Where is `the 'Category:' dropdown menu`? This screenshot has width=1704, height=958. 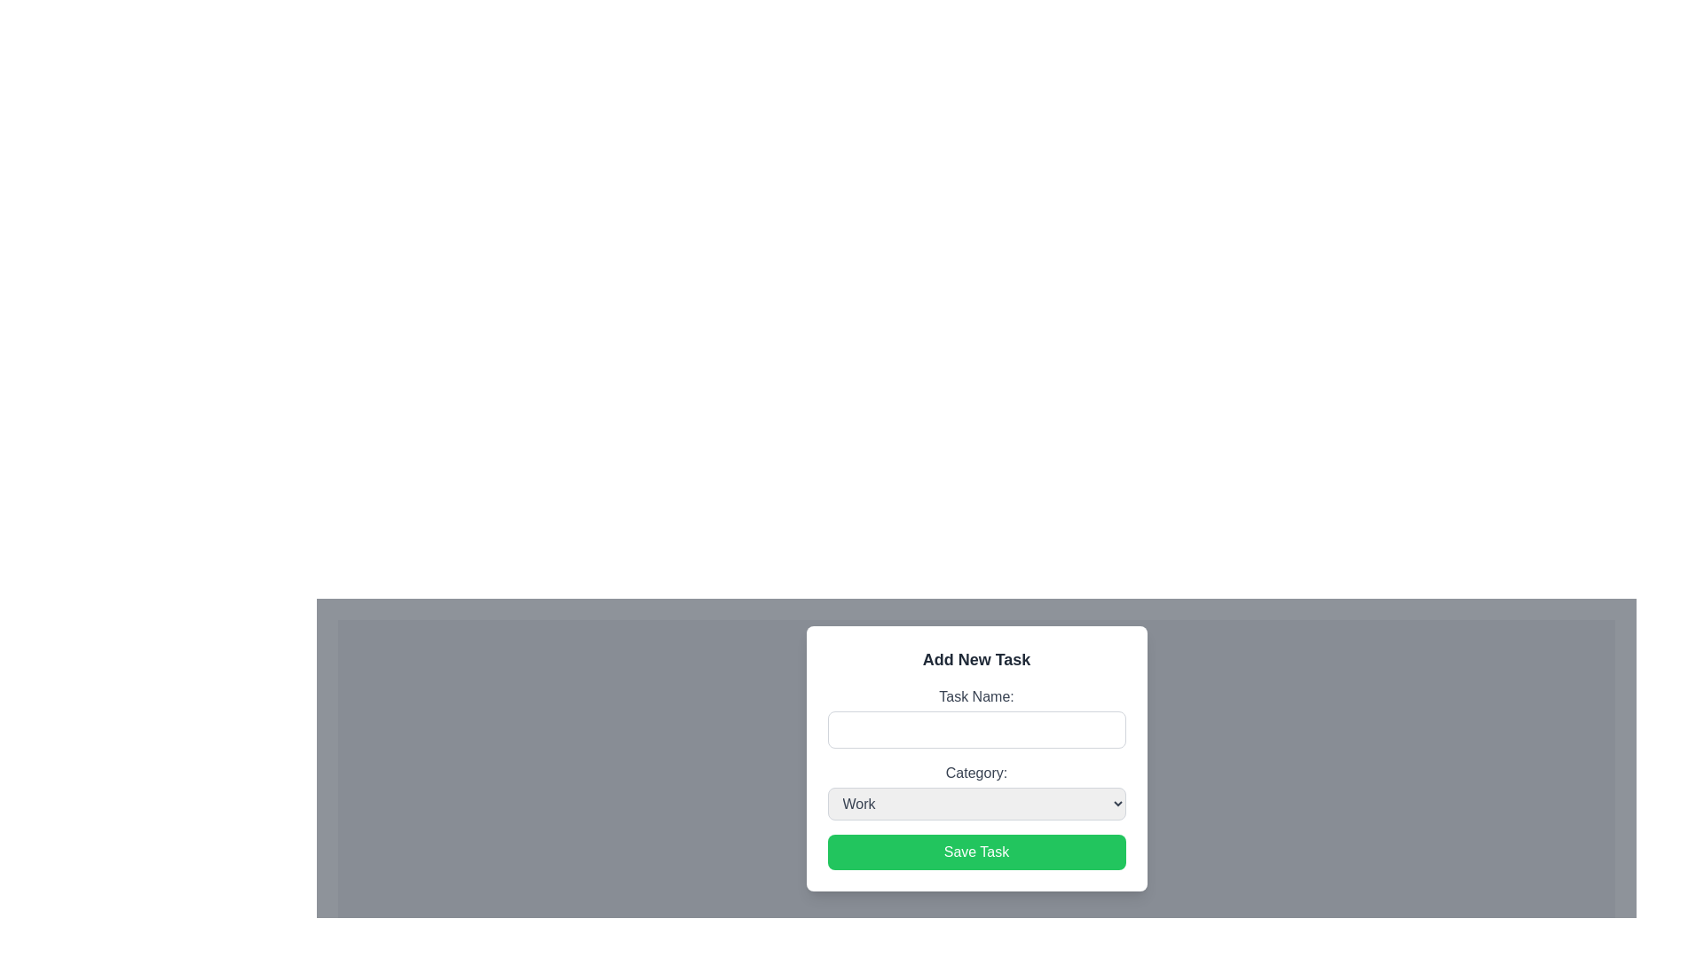 the 'Category:' dropdown menu is located at coordinates (975, 789).